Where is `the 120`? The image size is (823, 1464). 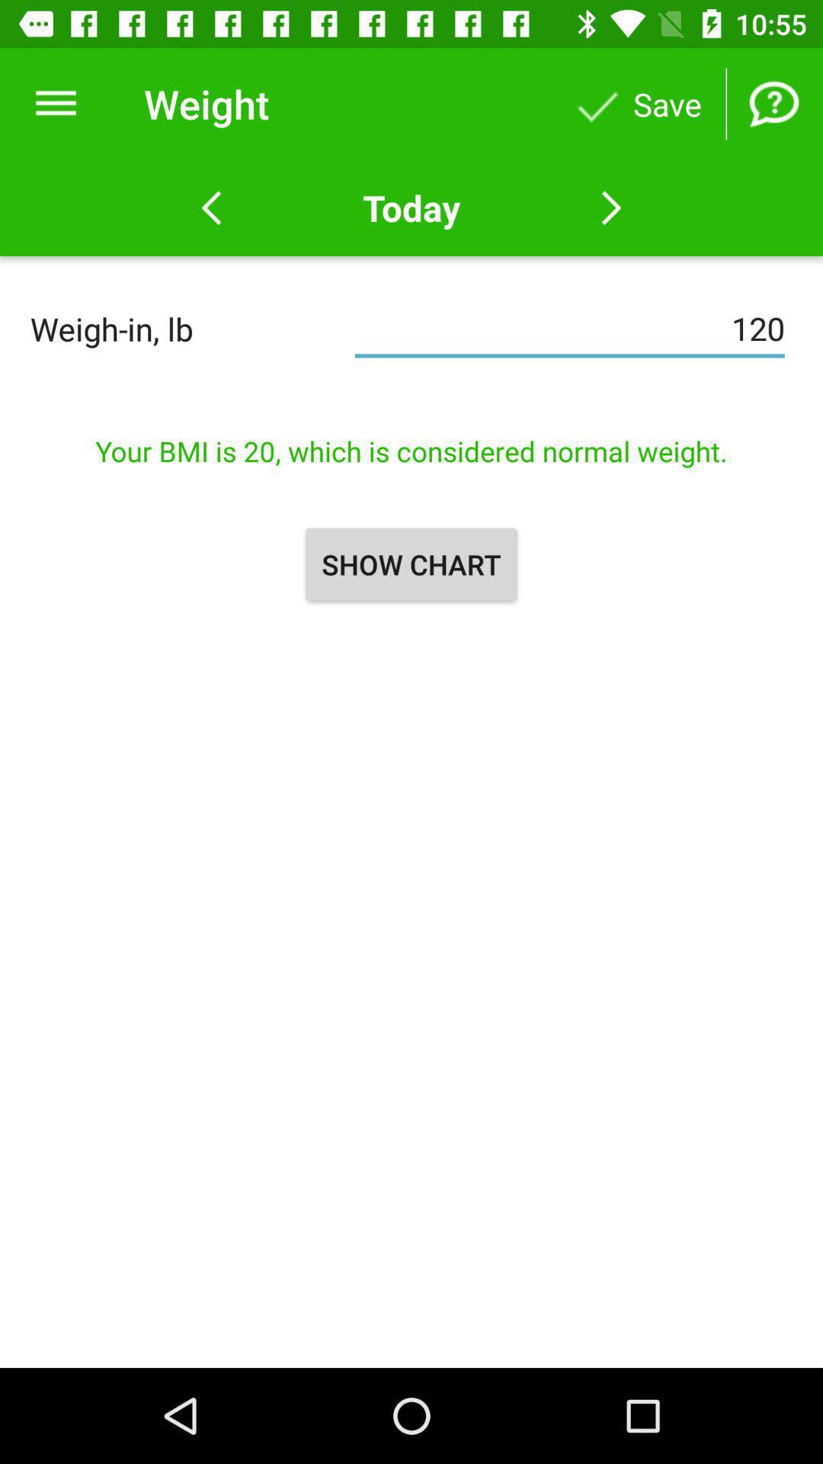
the 120 is located at coordinates (569, 328).